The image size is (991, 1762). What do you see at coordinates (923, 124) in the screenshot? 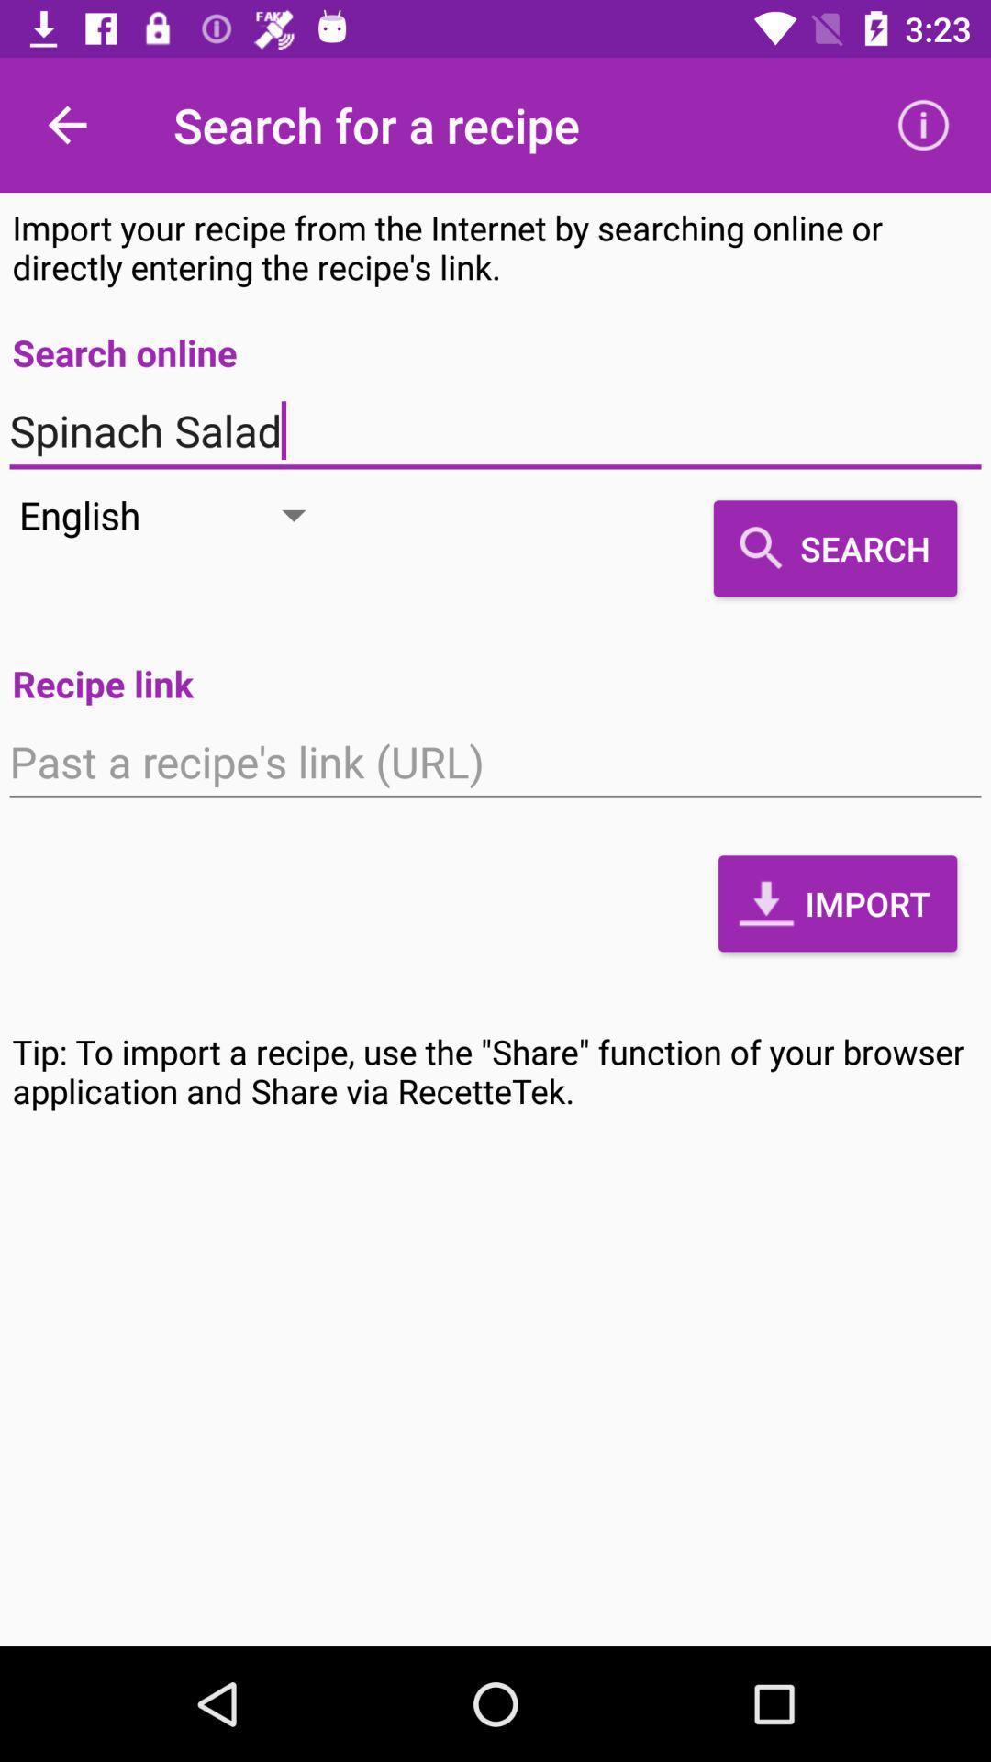
I see `item next to search for a item` at bounding box center [923, 124].